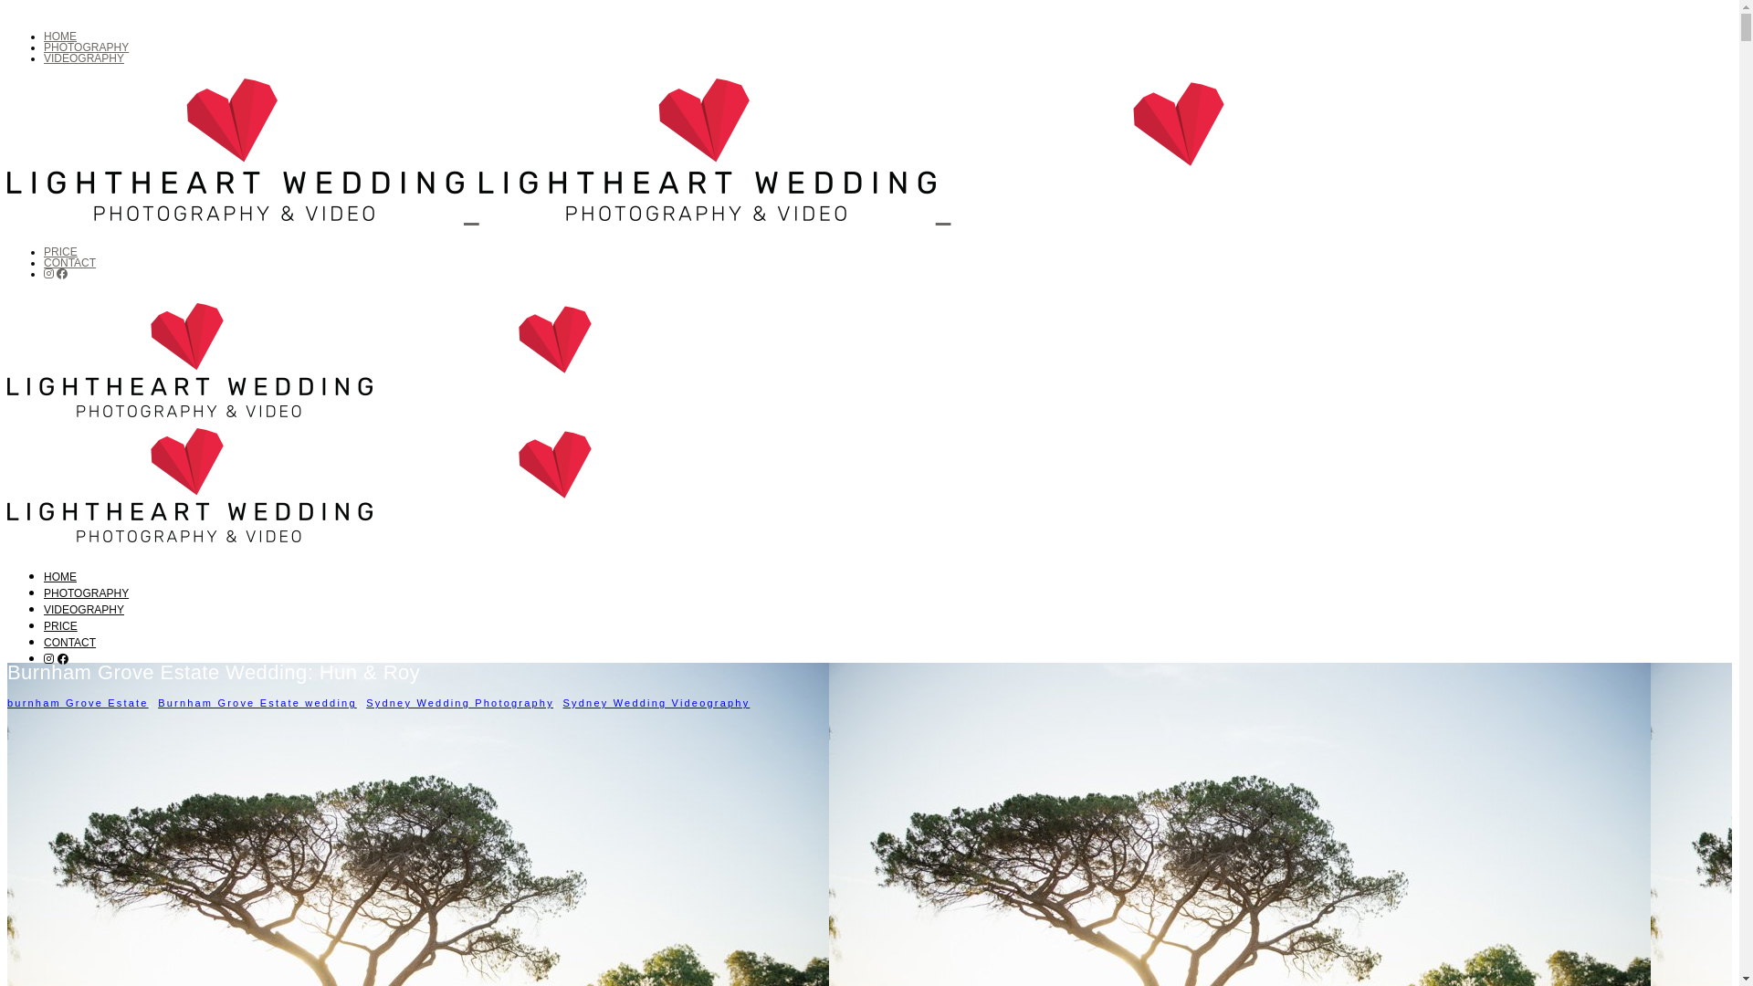  I want to click on 'PRICE', so click(60, 625).